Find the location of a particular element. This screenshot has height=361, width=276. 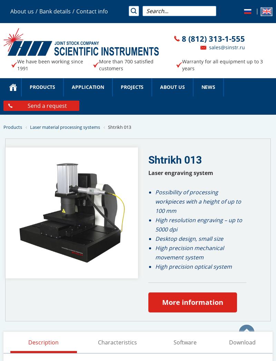

'We have been working since 1991' is located at coordinates (17, 64).